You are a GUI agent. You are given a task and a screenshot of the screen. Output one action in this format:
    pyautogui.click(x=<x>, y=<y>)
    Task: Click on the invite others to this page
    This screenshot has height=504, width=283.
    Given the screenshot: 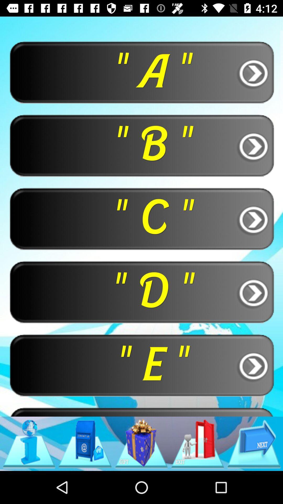 What is the action you would take?
    pyautogui.click(x=198, y=443)
    